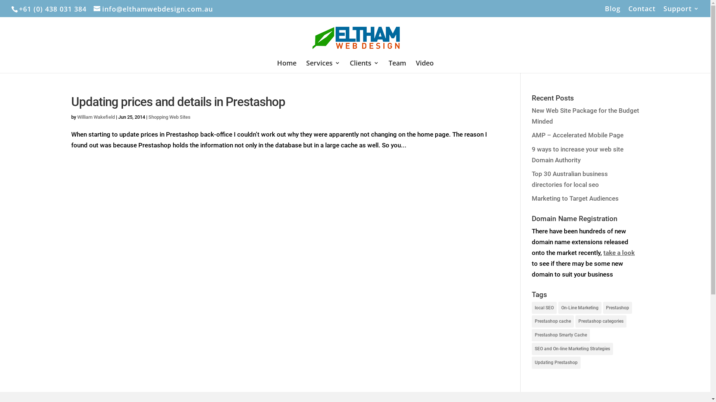 The height and width of the screenshot is (402, 716). Describe the element at coordinates (556, 362) in the screenshot. I see `'Updating Prestashop'` at that location.